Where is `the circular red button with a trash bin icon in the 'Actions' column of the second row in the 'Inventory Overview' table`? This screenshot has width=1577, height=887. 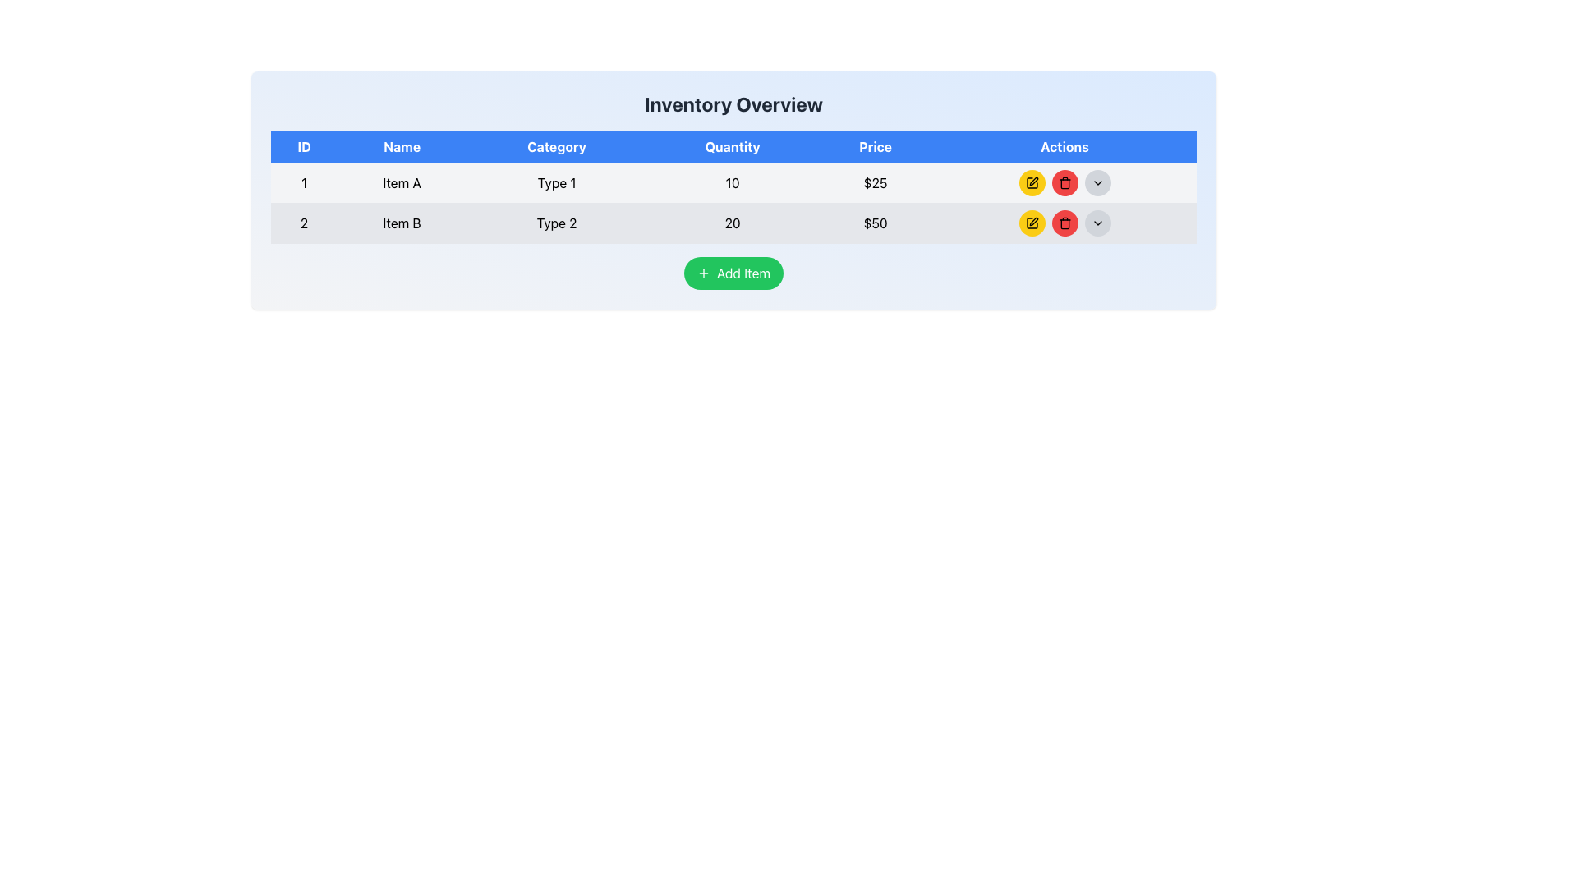
the circular red button with a trash bin icon in the 'Actions' column of the second row in the 'Inventory Overview' table is located at coordinates (1064, 223).